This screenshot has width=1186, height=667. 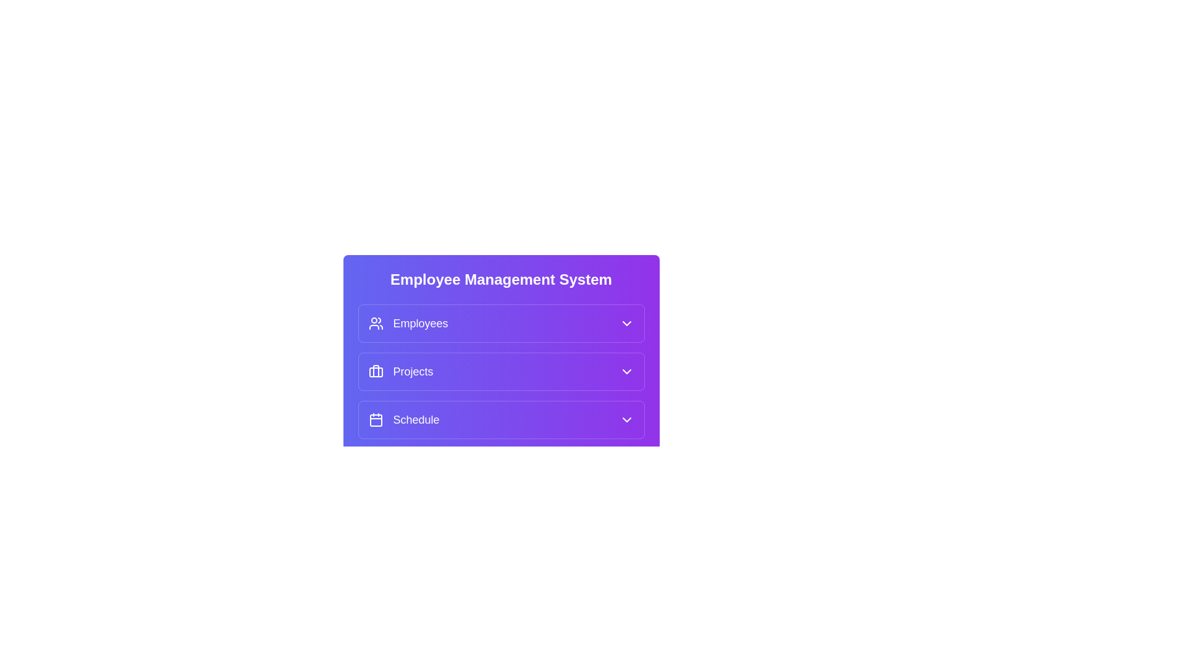 What do you see at coordinates (416, 419) in the screenshot?
I see `text label with the content 'Schedule', which is styled with a medium font weight and large size, located in the vertical menu section below the heading 'Employee Management System'` at bounding box center [416, 419].